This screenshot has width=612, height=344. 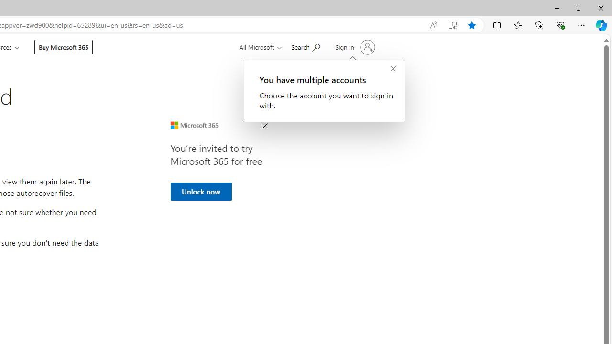 I want to click on 'Buy Microsoft 365', so click(x=63, y=47).